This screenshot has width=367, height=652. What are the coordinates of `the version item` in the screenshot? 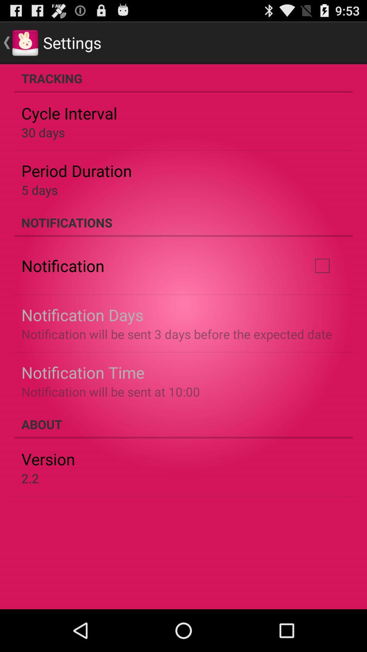 It's located at (48, 459).